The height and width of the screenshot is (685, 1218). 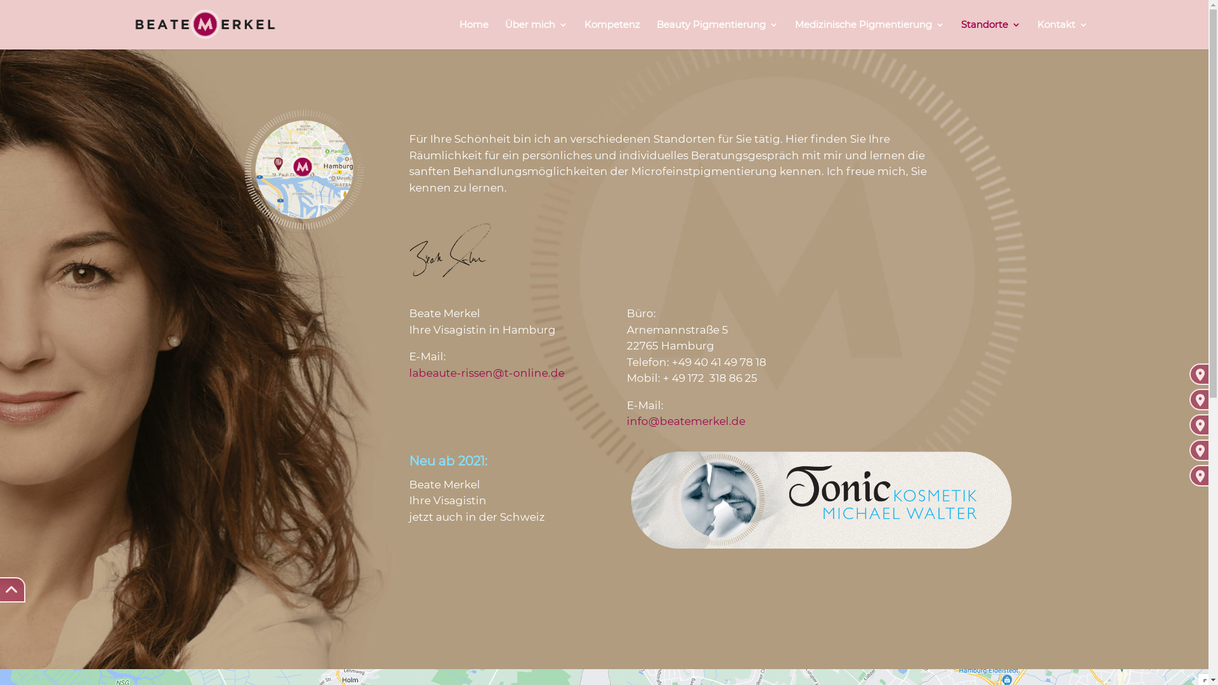 What do you see at coordinates (685, 421) in the screenshot?
I see `'info@beatemerkel.de'` at bounding box center [685, 421].